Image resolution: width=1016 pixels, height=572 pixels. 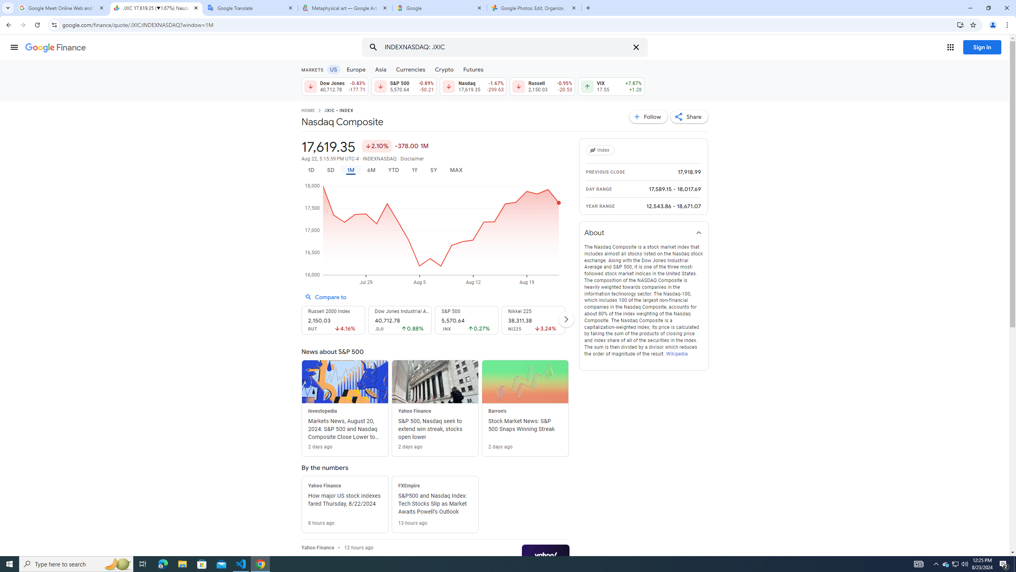 I want to click on 'Dow Jones 40,712.78 Down by 0.43% -177.71', so click(x=334, y=86).